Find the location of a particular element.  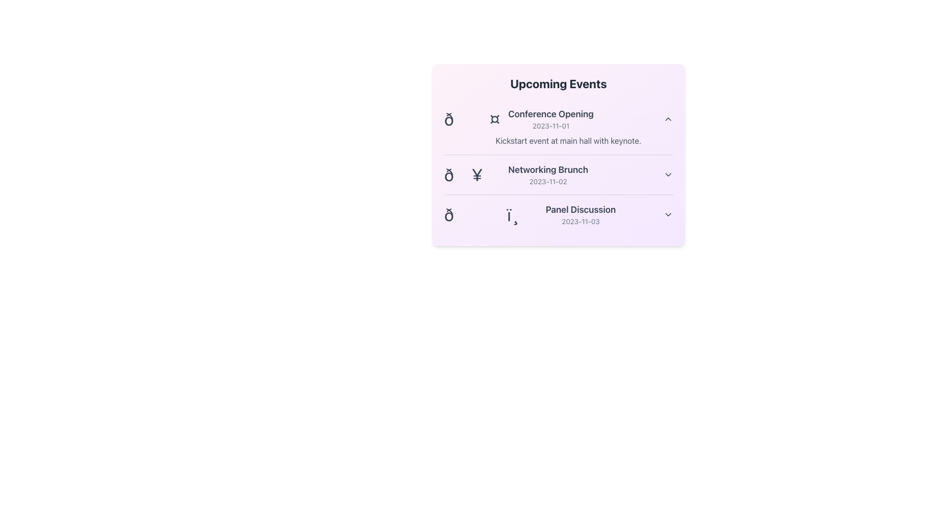

informational text label for the event 'Networking Brunch' which is the second item under 'Upcoming Events' is located at coordinates (547, 169).